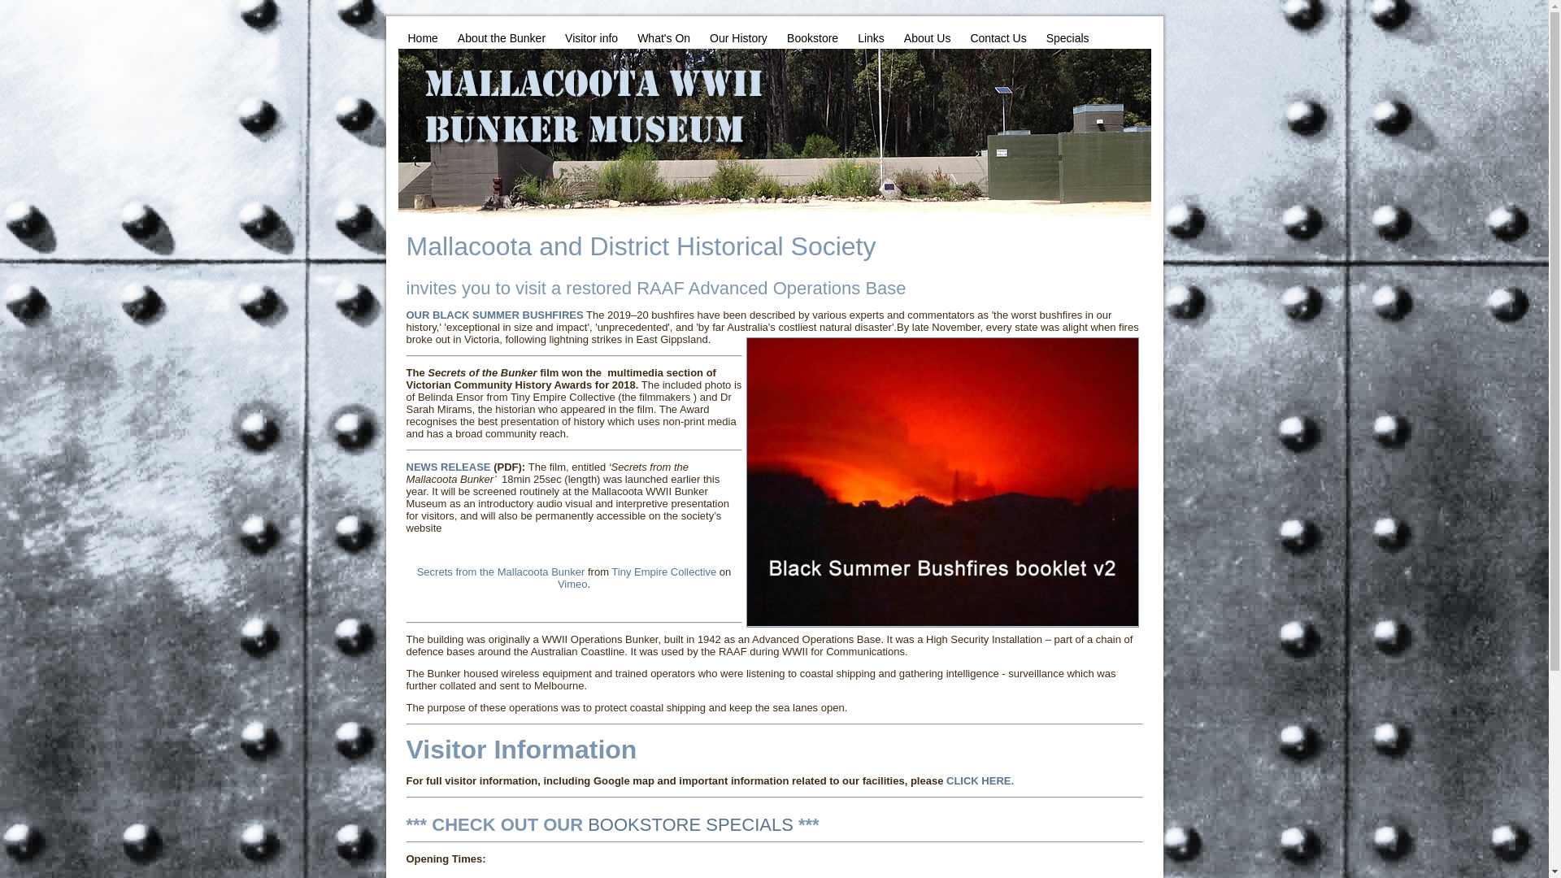 The width and height of the screenshot is (1561, 878). Describe the element at coordinates (979, 780) in the screenshot. I see `'CLICK HERE.'` at that location.